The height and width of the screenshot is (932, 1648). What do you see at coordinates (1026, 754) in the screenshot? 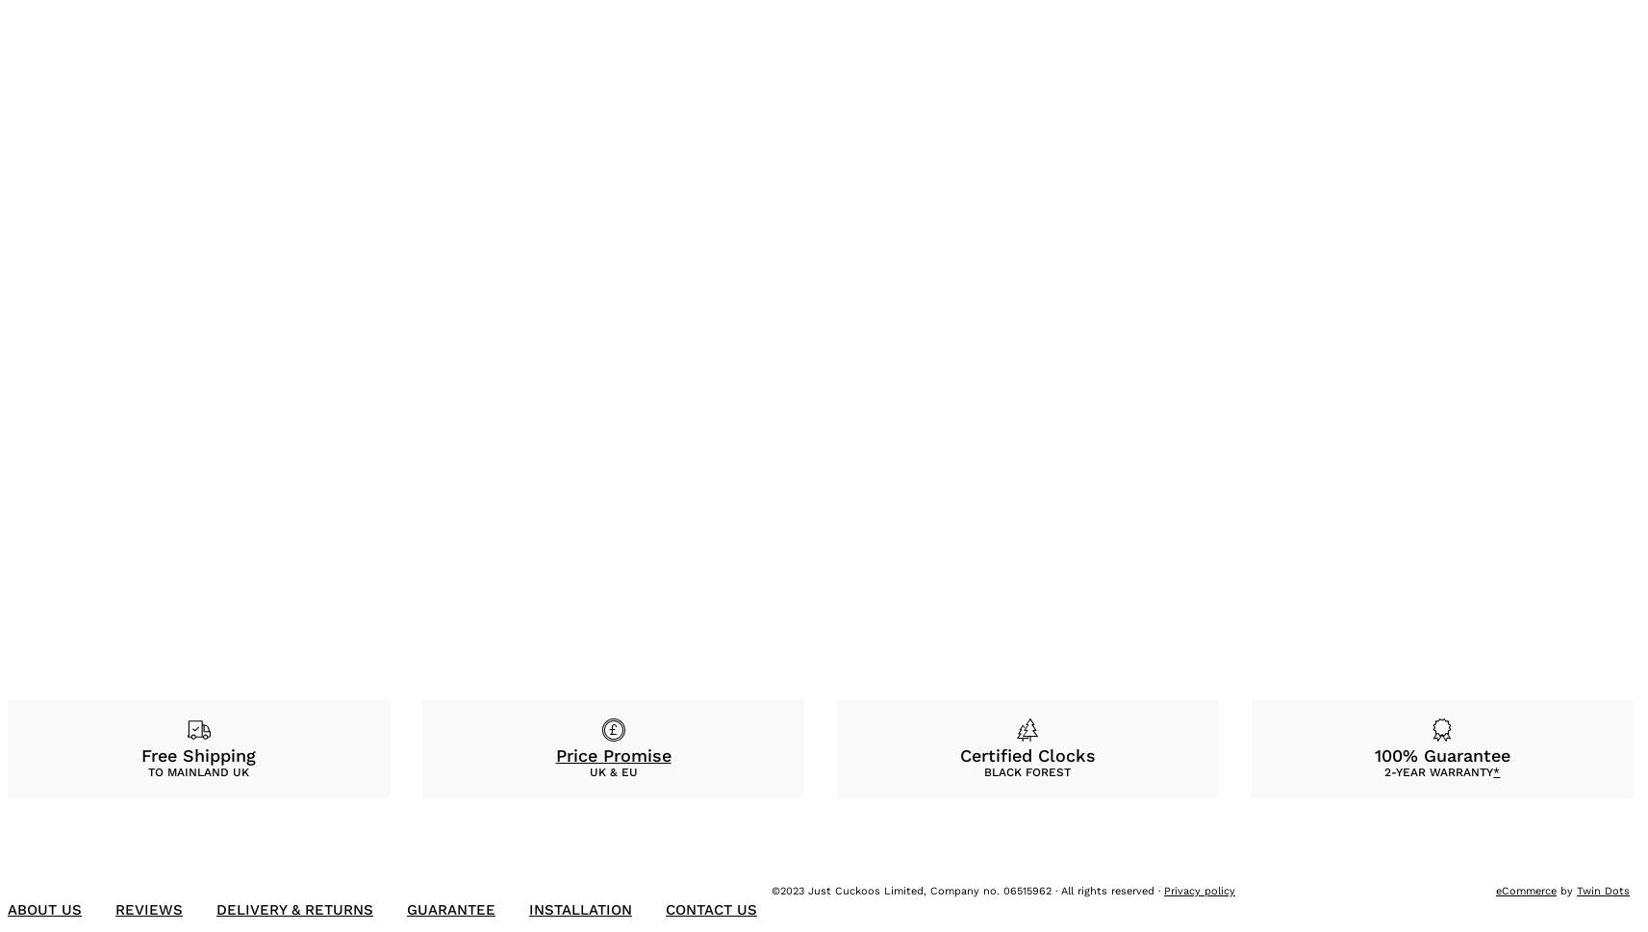
I see `'Certified Clocks'` at bounding box center [1026, 754].